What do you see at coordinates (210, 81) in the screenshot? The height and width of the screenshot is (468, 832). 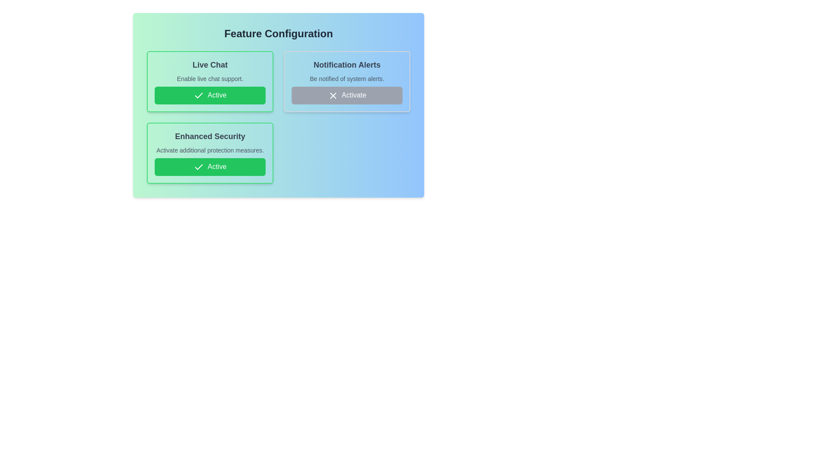 I see `the feature item Live Chat to observe the hover effect` at bounding box center [210, 81].